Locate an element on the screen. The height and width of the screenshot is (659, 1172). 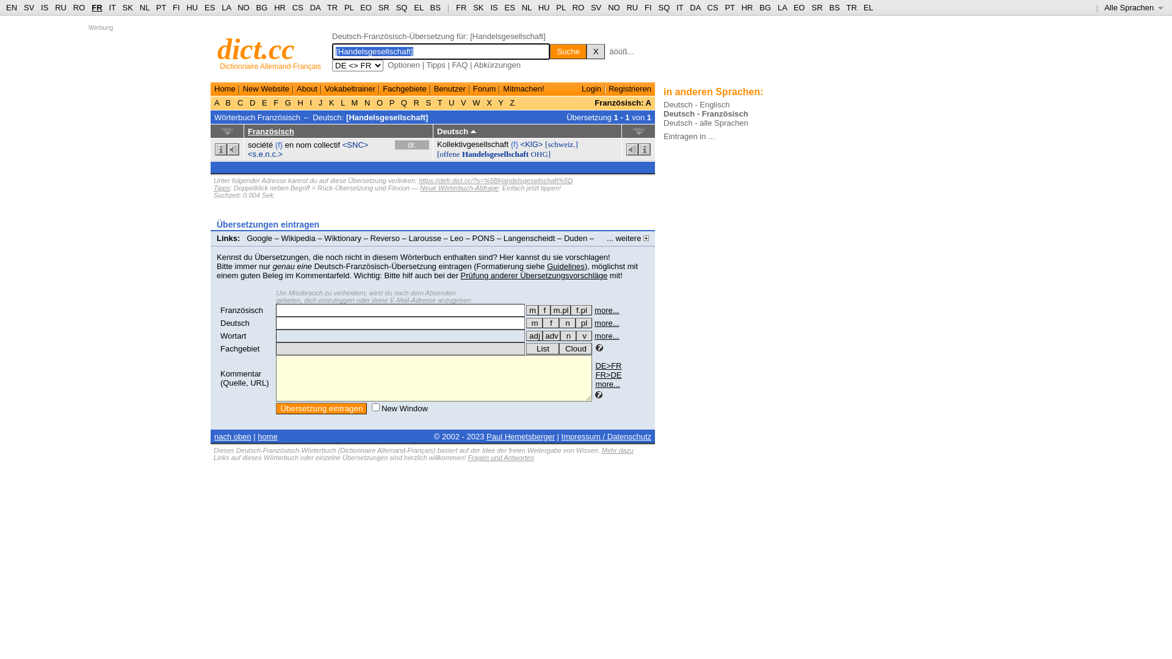
'HU' is located at coordinates (543, 7).